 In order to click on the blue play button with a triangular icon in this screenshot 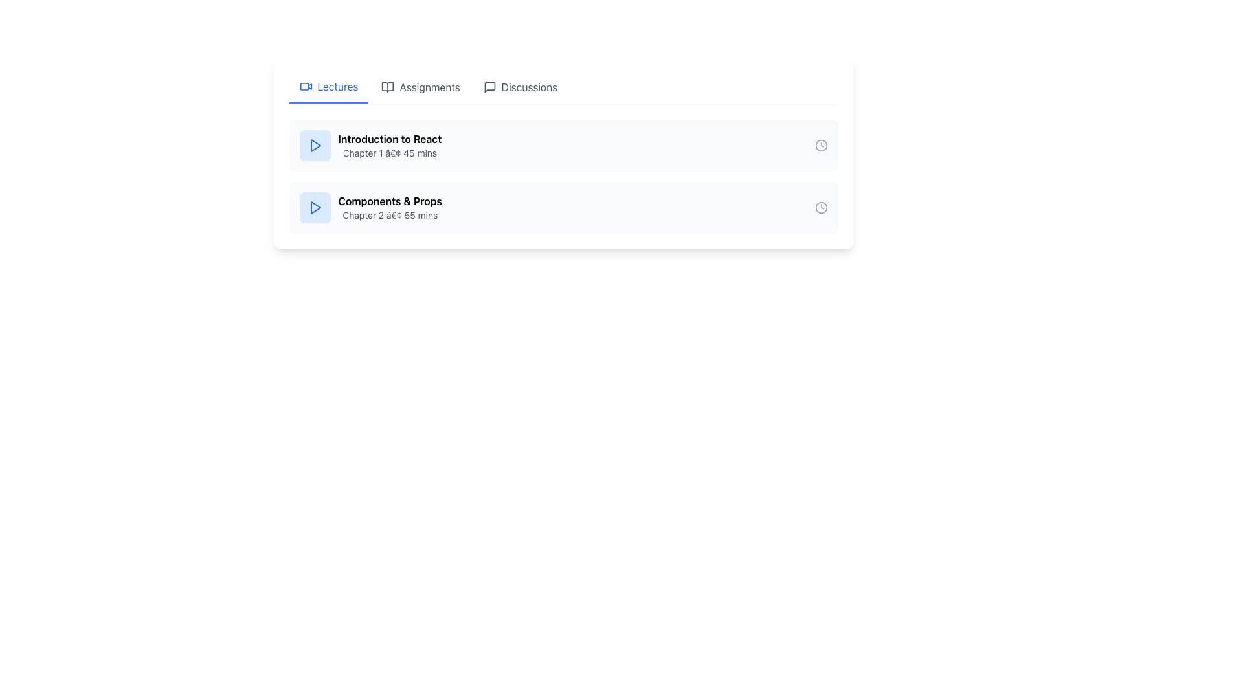, I will do `click(315, 145)`.